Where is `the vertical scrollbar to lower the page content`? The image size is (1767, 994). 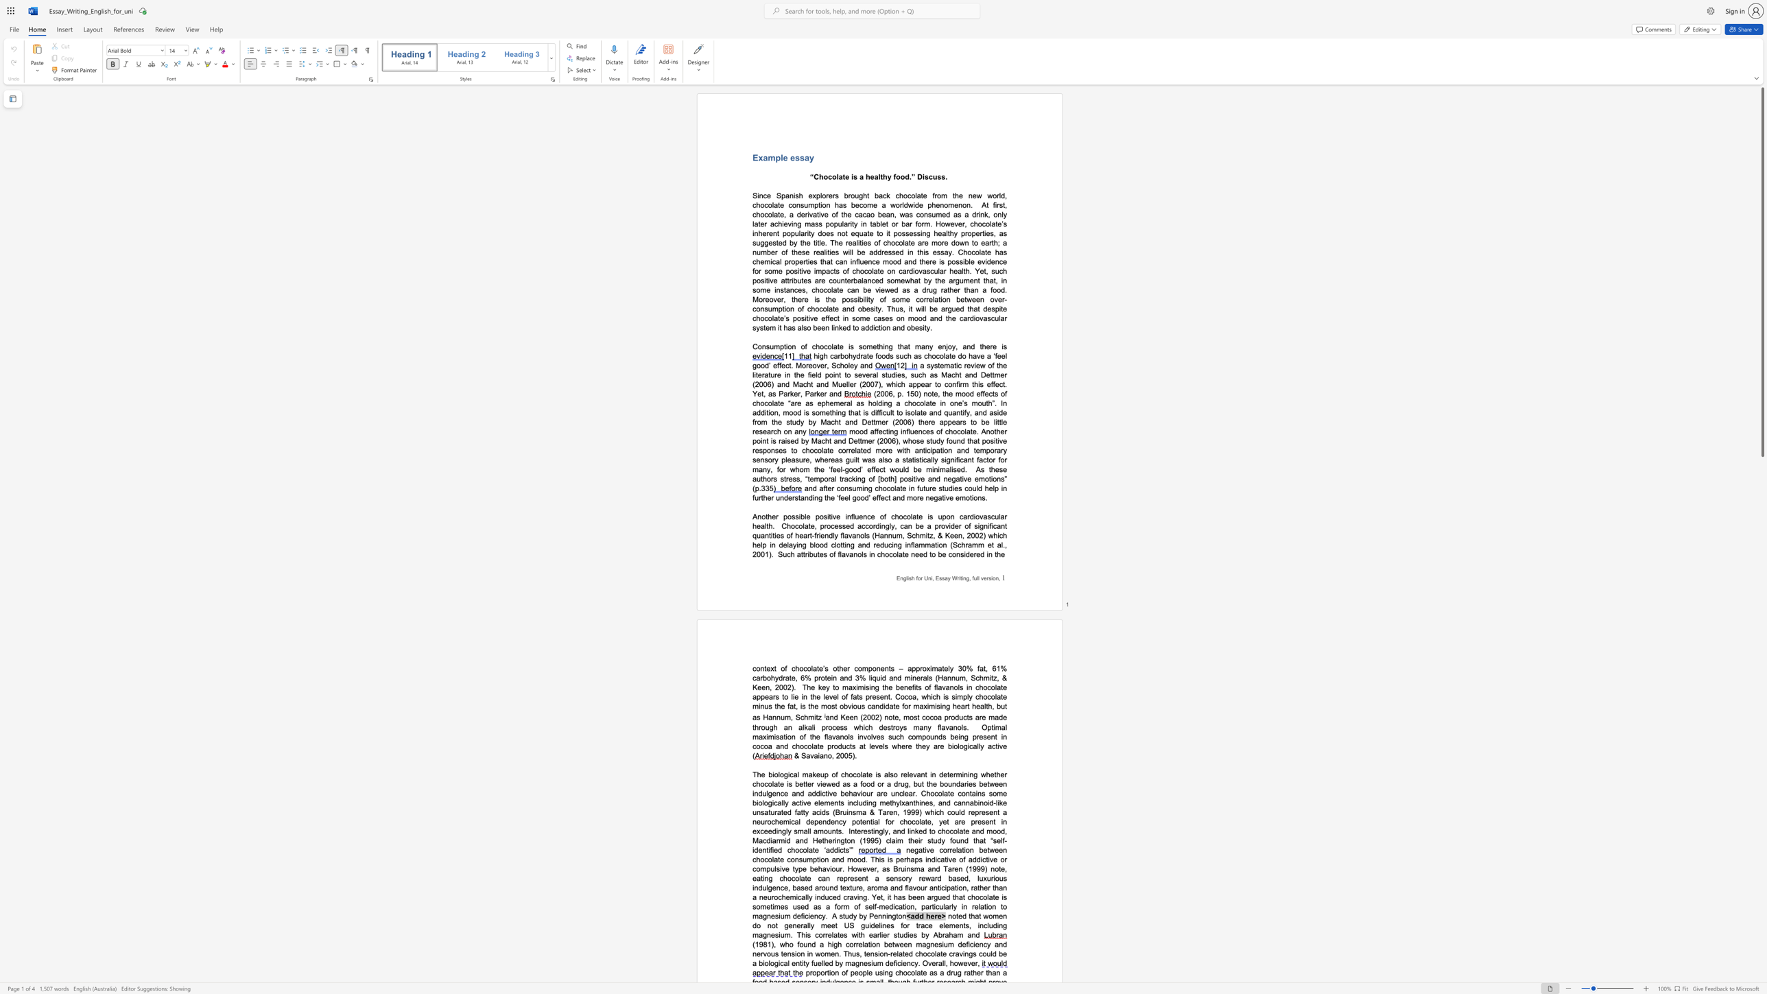
the vertical scrollbar to lower the page content is located at coordinates (1762, 704).